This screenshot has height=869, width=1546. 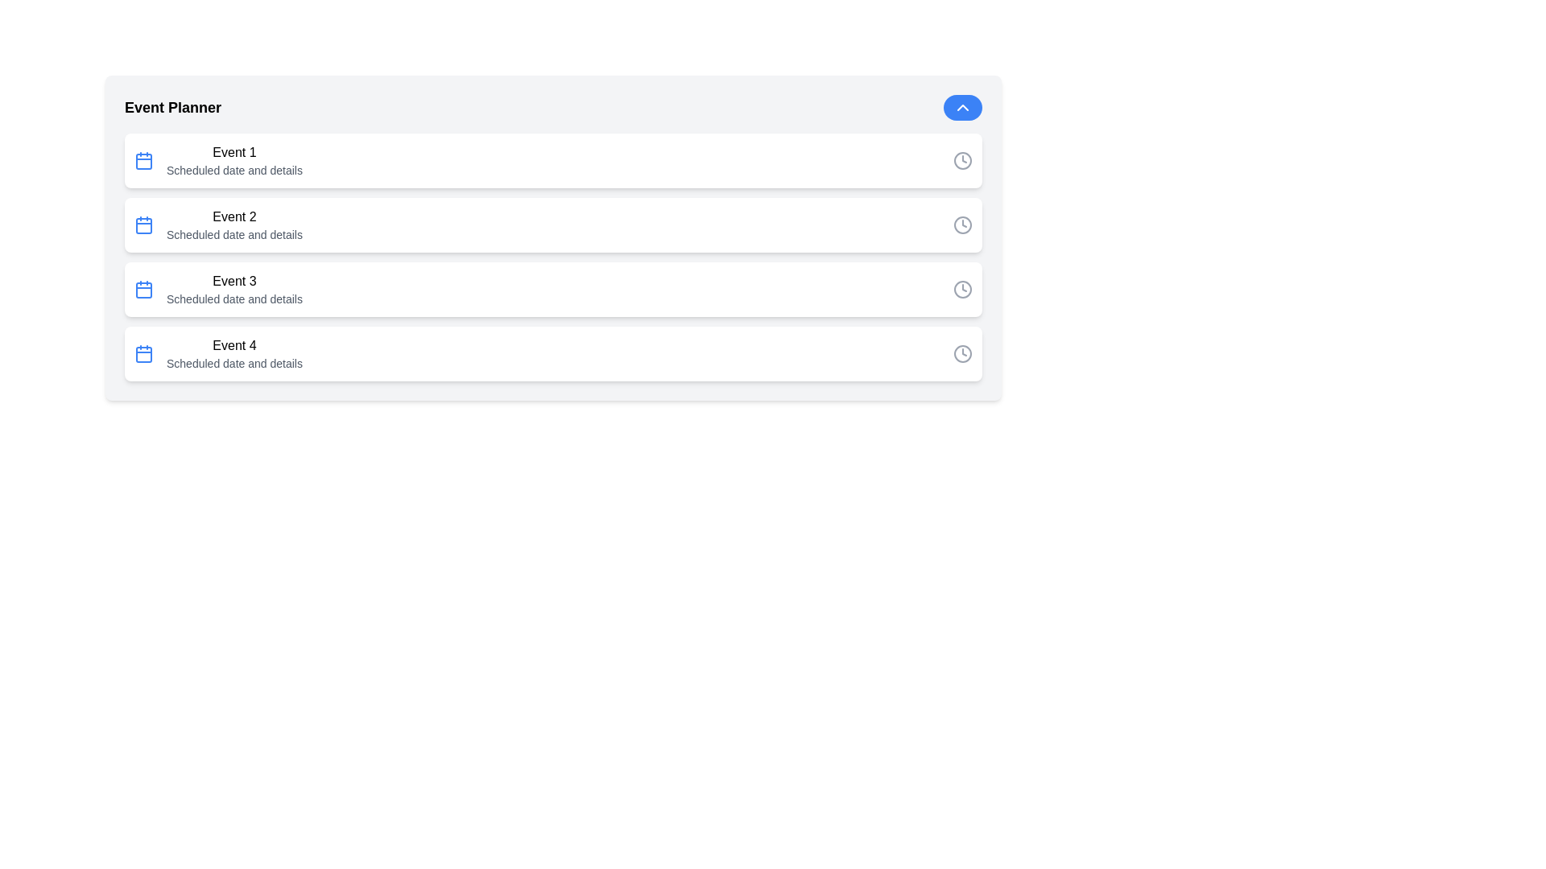 What do you see at coordinates (962, 108) in the screenshot?
I see `the toggle button on the right side of the 'Event Planner' header bar` at bounding box center [962, 108].